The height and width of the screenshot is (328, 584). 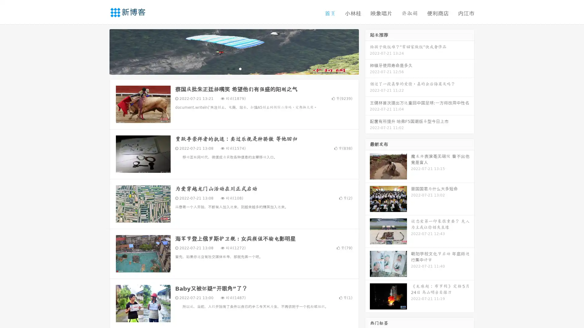 What do you see at coordinates (367, 51) in the screenshot?
I see `Next slide` at bounding box center [367, 51].